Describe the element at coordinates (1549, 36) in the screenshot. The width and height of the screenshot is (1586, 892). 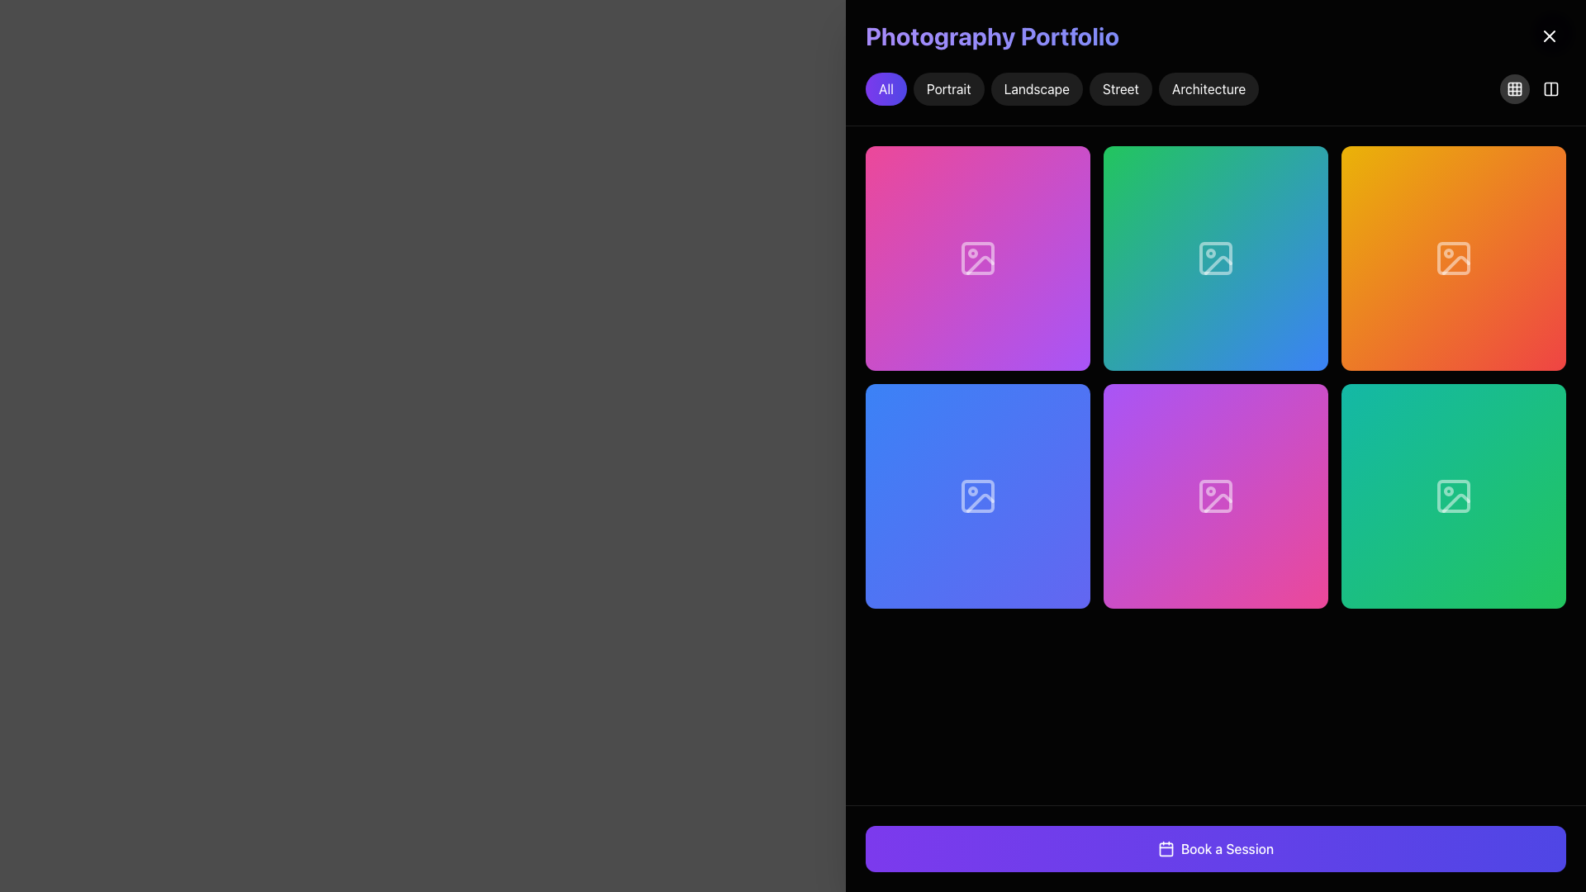
I see `the circular button with an 'X' icon located in the top-right corner of the interface` at that location.